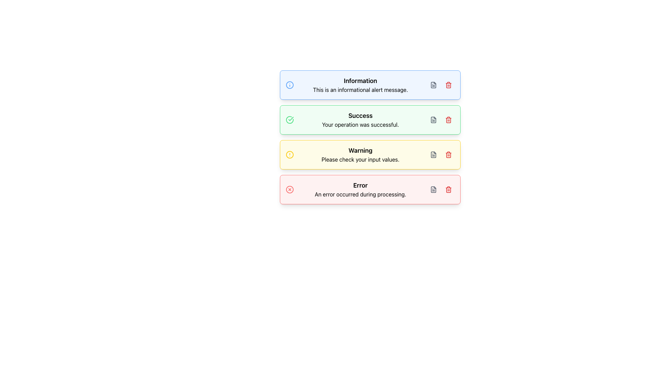  What do you see at coordinates (360, 186) in the screenshot?
I see `the bold text label reading 'Error' located at the top of the red alert box for error notifications` at bounding box center [360, 186].